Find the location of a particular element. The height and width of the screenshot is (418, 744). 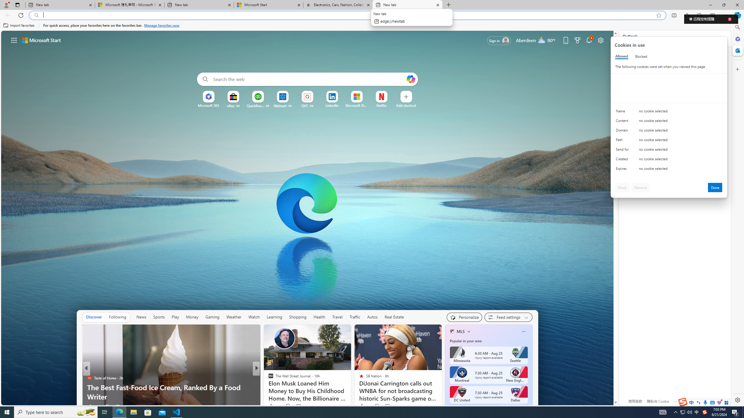

'Created' is located at coordinates (623, 160).